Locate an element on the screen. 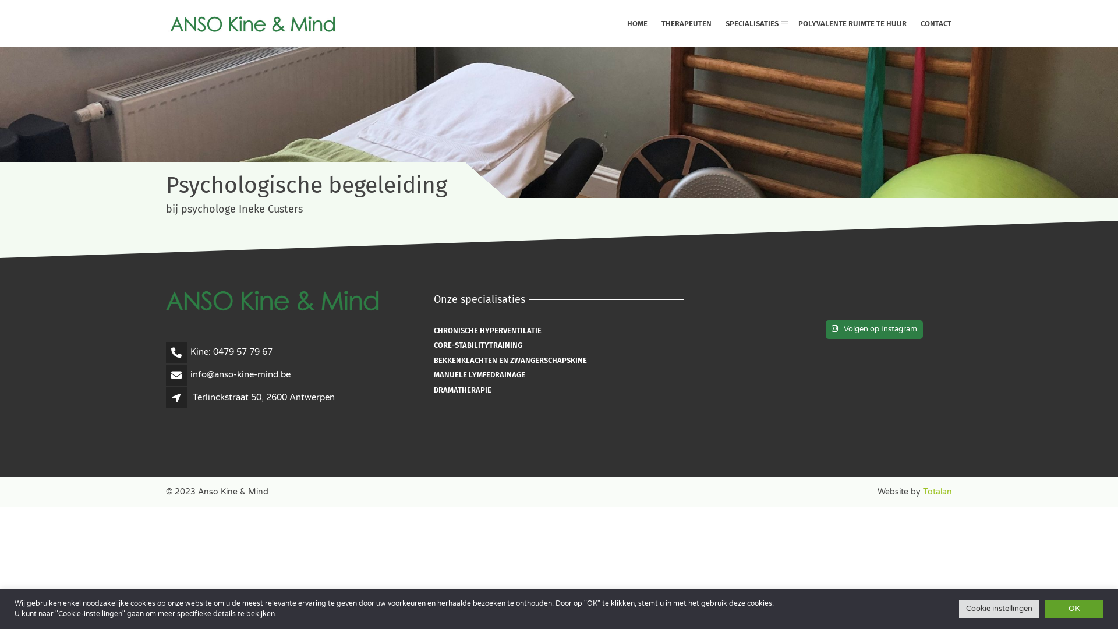 This screenshot has width=1118, height=629. 'Volgen op Instagram' is located at coordinates (874, 330).